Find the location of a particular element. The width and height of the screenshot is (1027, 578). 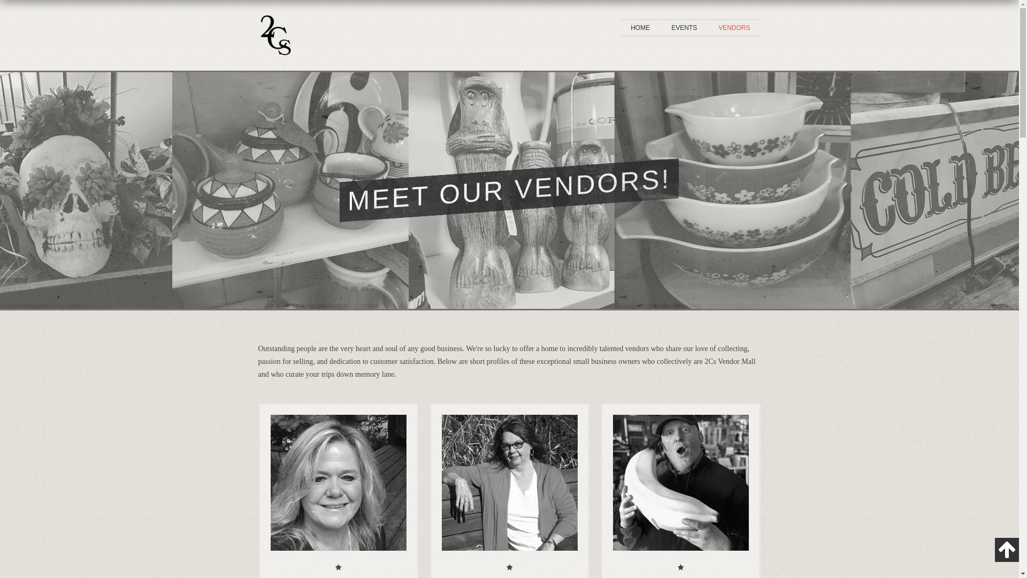

'2Cs' is located at coordinates (274, 64).